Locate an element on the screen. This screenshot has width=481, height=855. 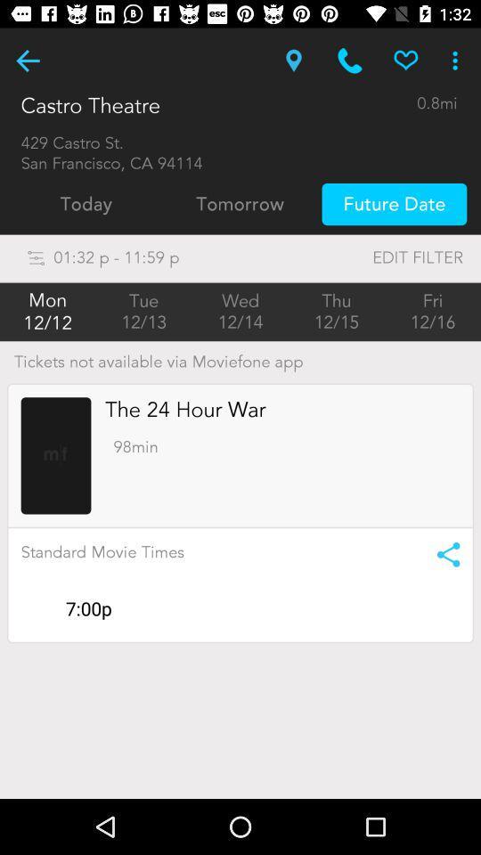
item next to the the 24 hour icon is located at coordinates (56, 454).